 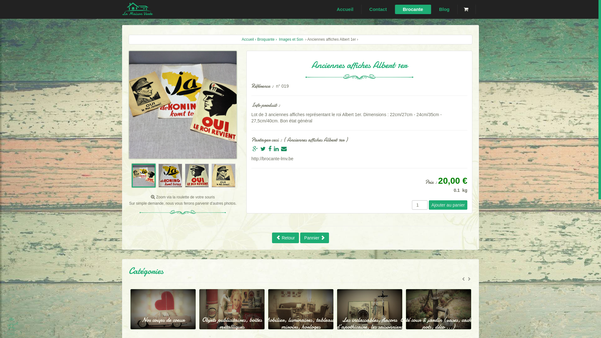 What do you see at coordinates (170, 175) in the screenshot?
I see `'Image 2'` at bounding box center [170, 175].